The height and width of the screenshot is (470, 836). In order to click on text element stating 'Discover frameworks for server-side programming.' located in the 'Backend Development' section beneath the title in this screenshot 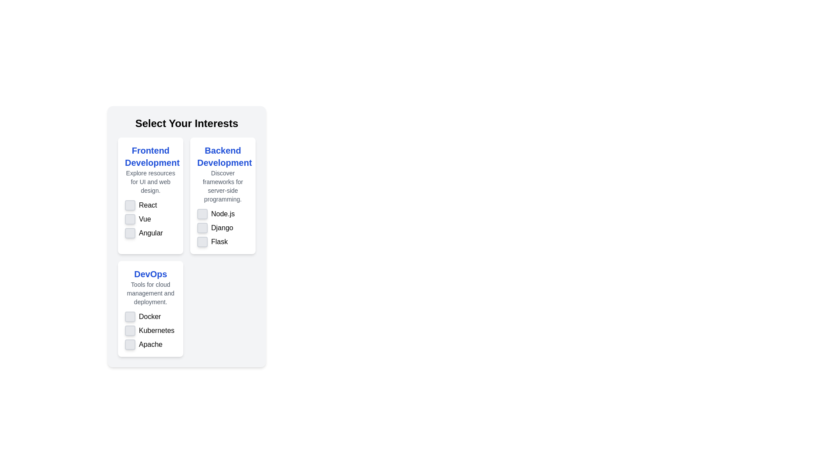, I will do `click(223, 186)`.